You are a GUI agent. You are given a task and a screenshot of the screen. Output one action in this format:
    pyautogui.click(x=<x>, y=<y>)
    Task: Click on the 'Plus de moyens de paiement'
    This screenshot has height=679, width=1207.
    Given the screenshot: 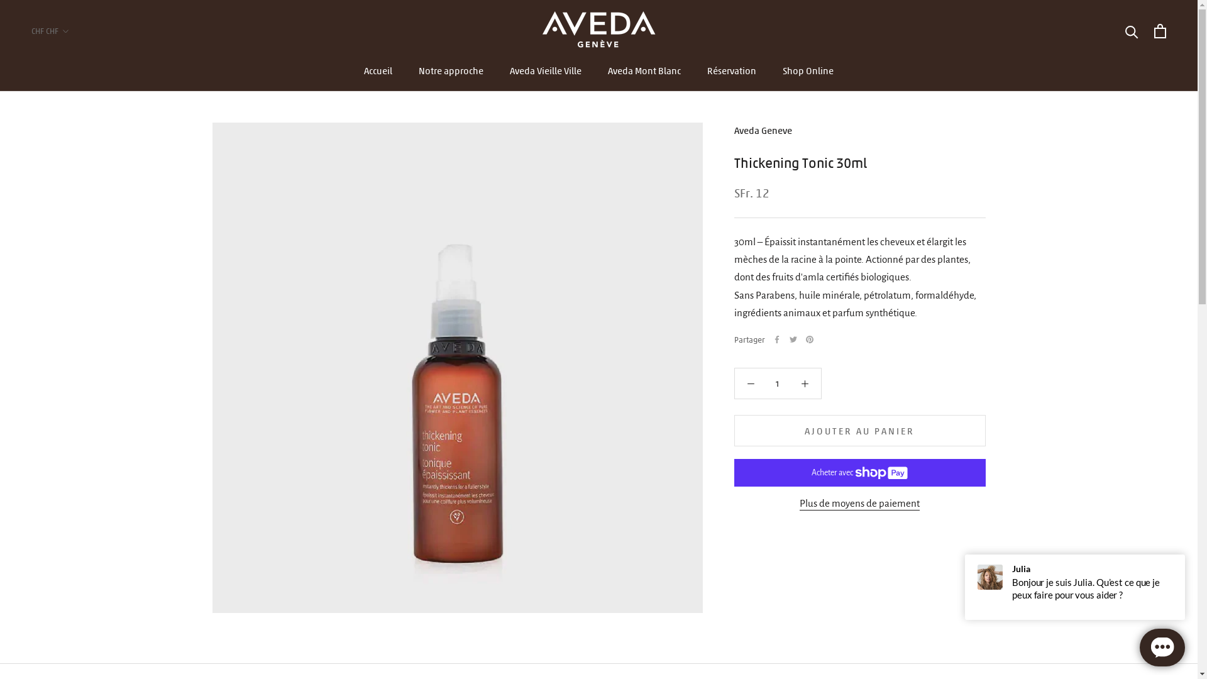 What is the action you would take?
    pyautogui.click(x=859, y=503)
    